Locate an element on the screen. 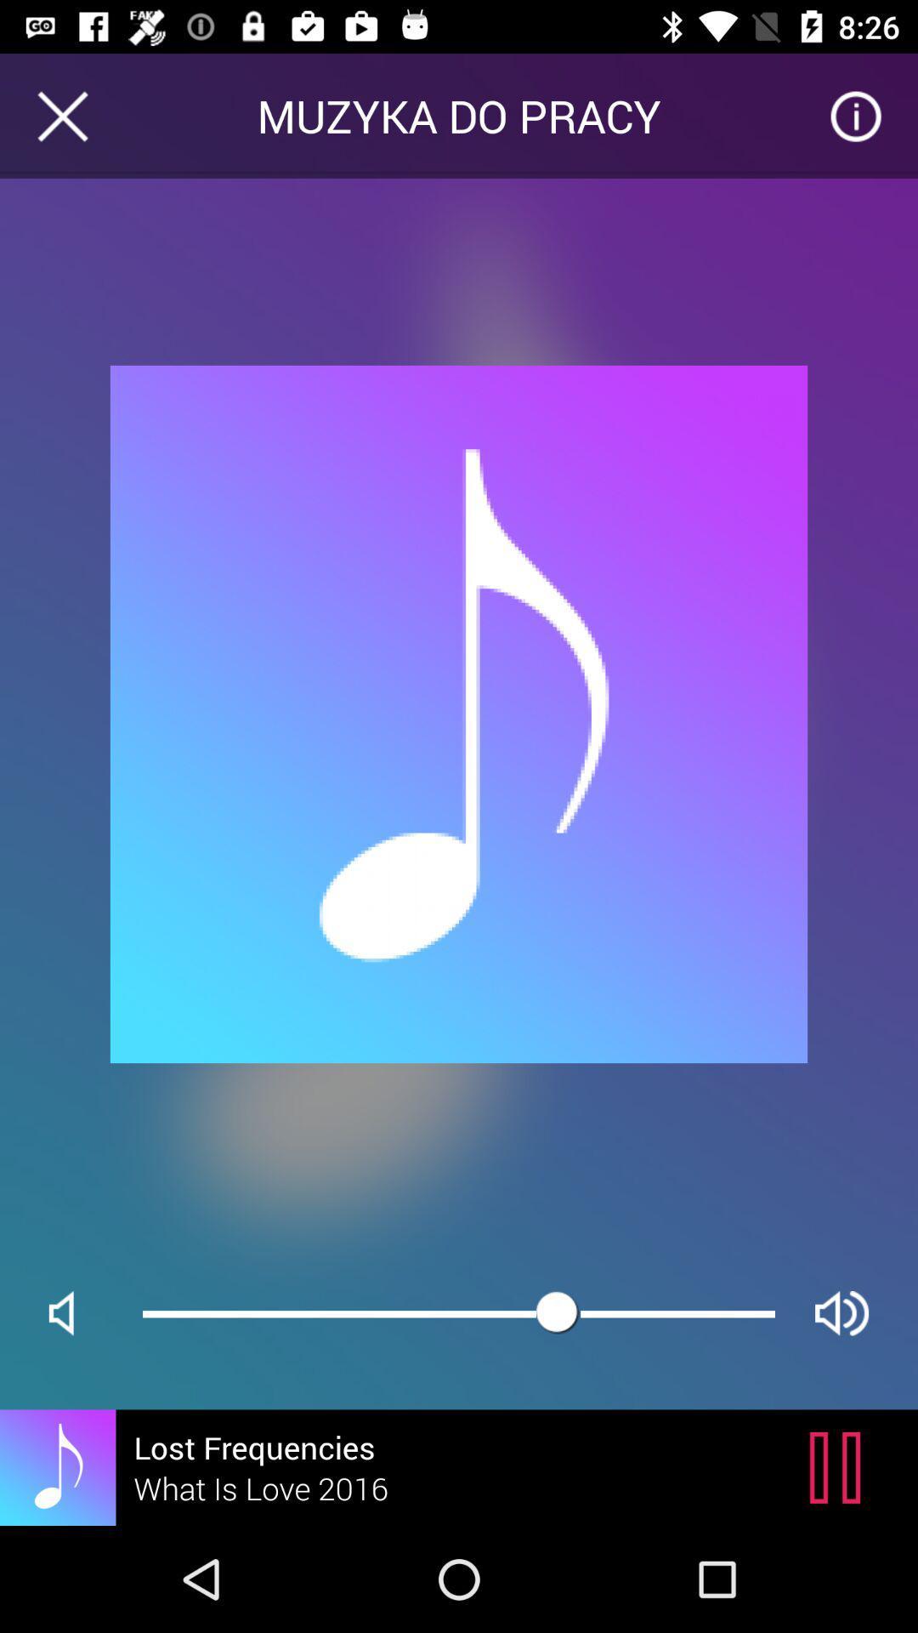  icon to the right of lost frequencies is located at coordinates (839, 1466).